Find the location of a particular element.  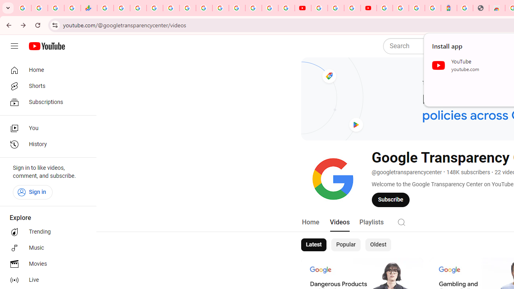

'History' is located at coordinates (45, 144).